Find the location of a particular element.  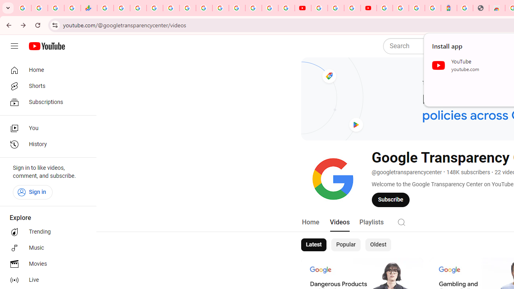

'History' is located at coordinates (45, 144).